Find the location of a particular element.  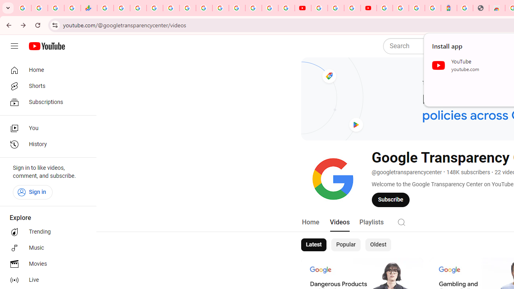

'History' is located at coordinates (45, 144).